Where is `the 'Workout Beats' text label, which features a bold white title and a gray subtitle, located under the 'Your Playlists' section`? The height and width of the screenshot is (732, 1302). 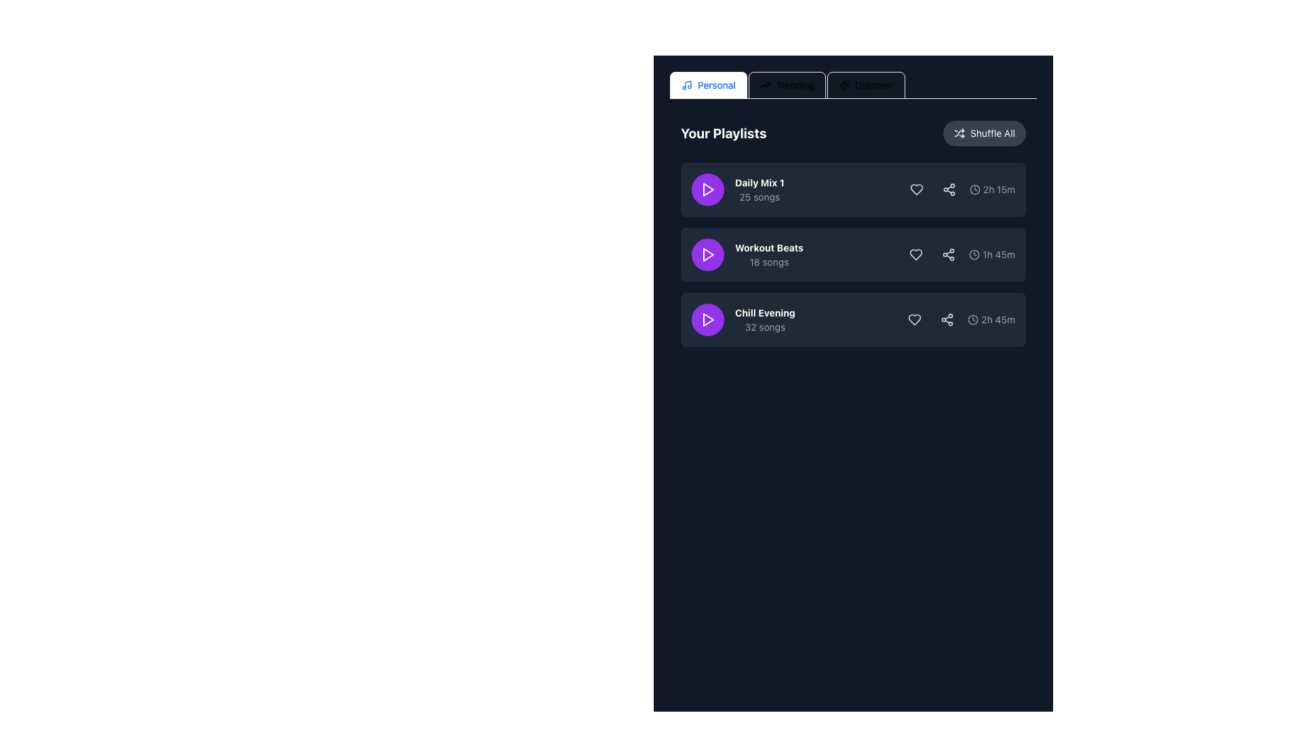 the 'Workout Beats' text label, which features a bold white title and a gray subtitle, located under the 'Your Playlists' section is located at coordinates (769, 254).